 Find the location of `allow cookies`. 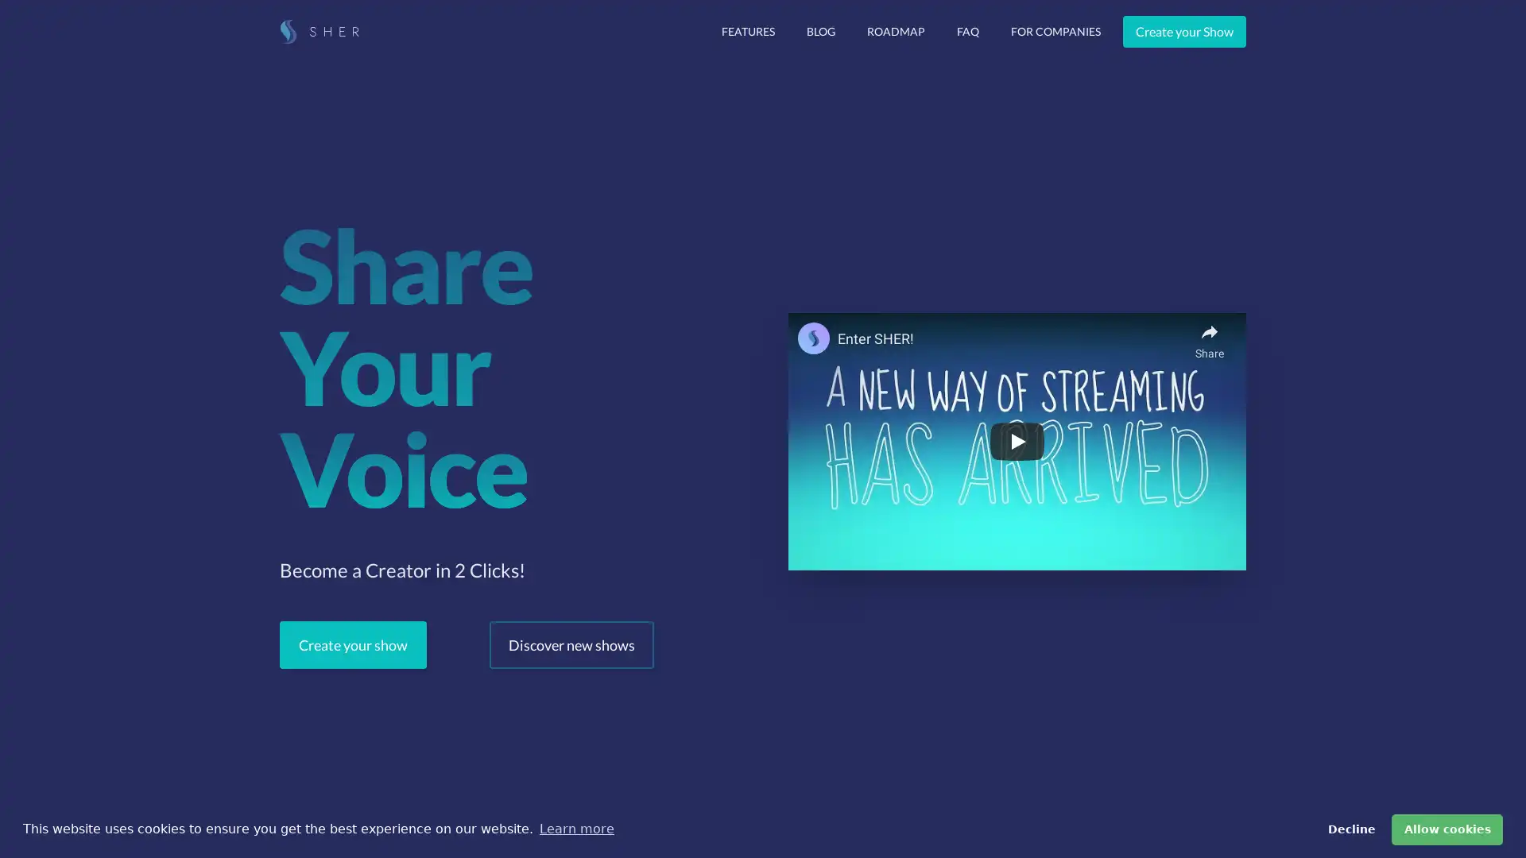

allow cookies is located at coordinates (1447, 829).